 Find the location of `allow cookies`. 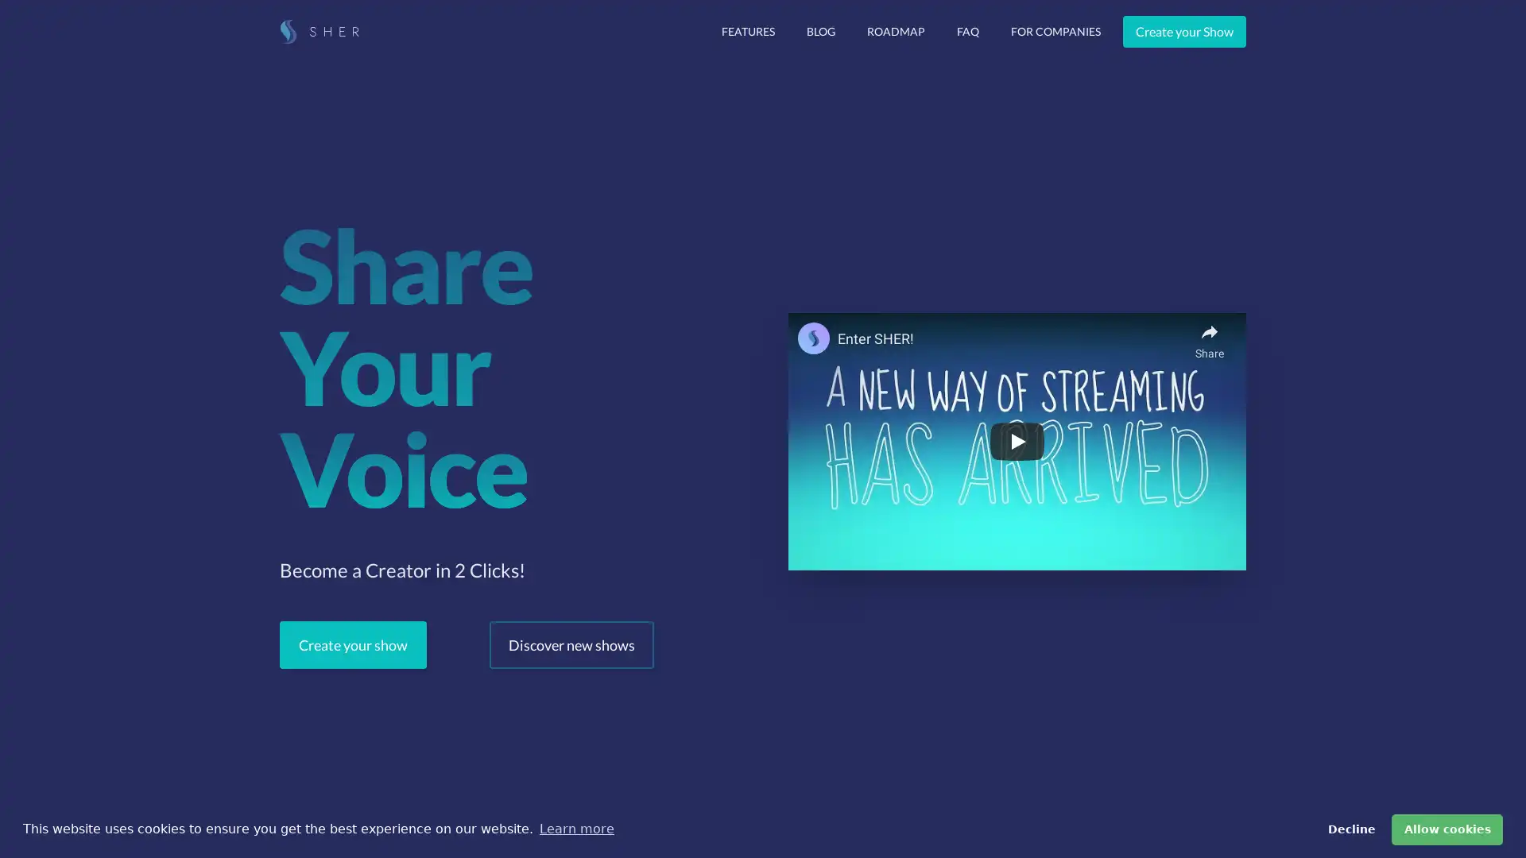

allow cookies is located at coordinates (1447, 829).